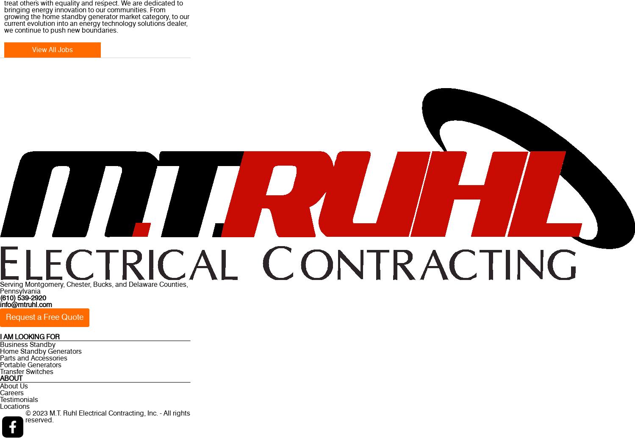  What do you see at coordinates (26, 371) in the screenshot?
I see `'Transfer Switches'` at bounding box center [26, 371].